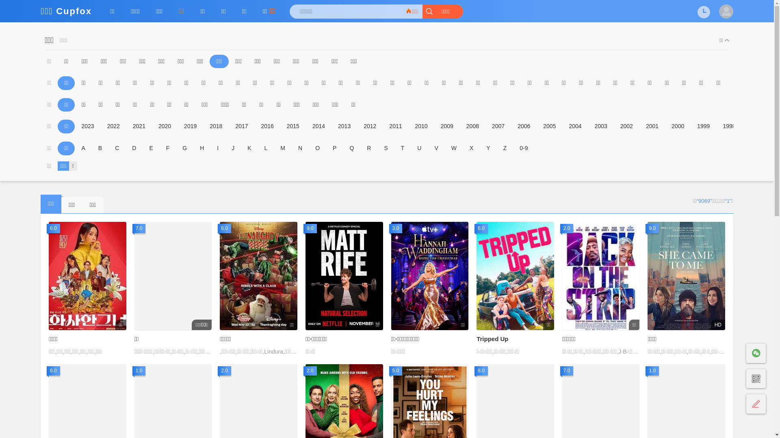  Describe the element at coordinates (444, 148) in the screenshot. I see `'W'` at that location.